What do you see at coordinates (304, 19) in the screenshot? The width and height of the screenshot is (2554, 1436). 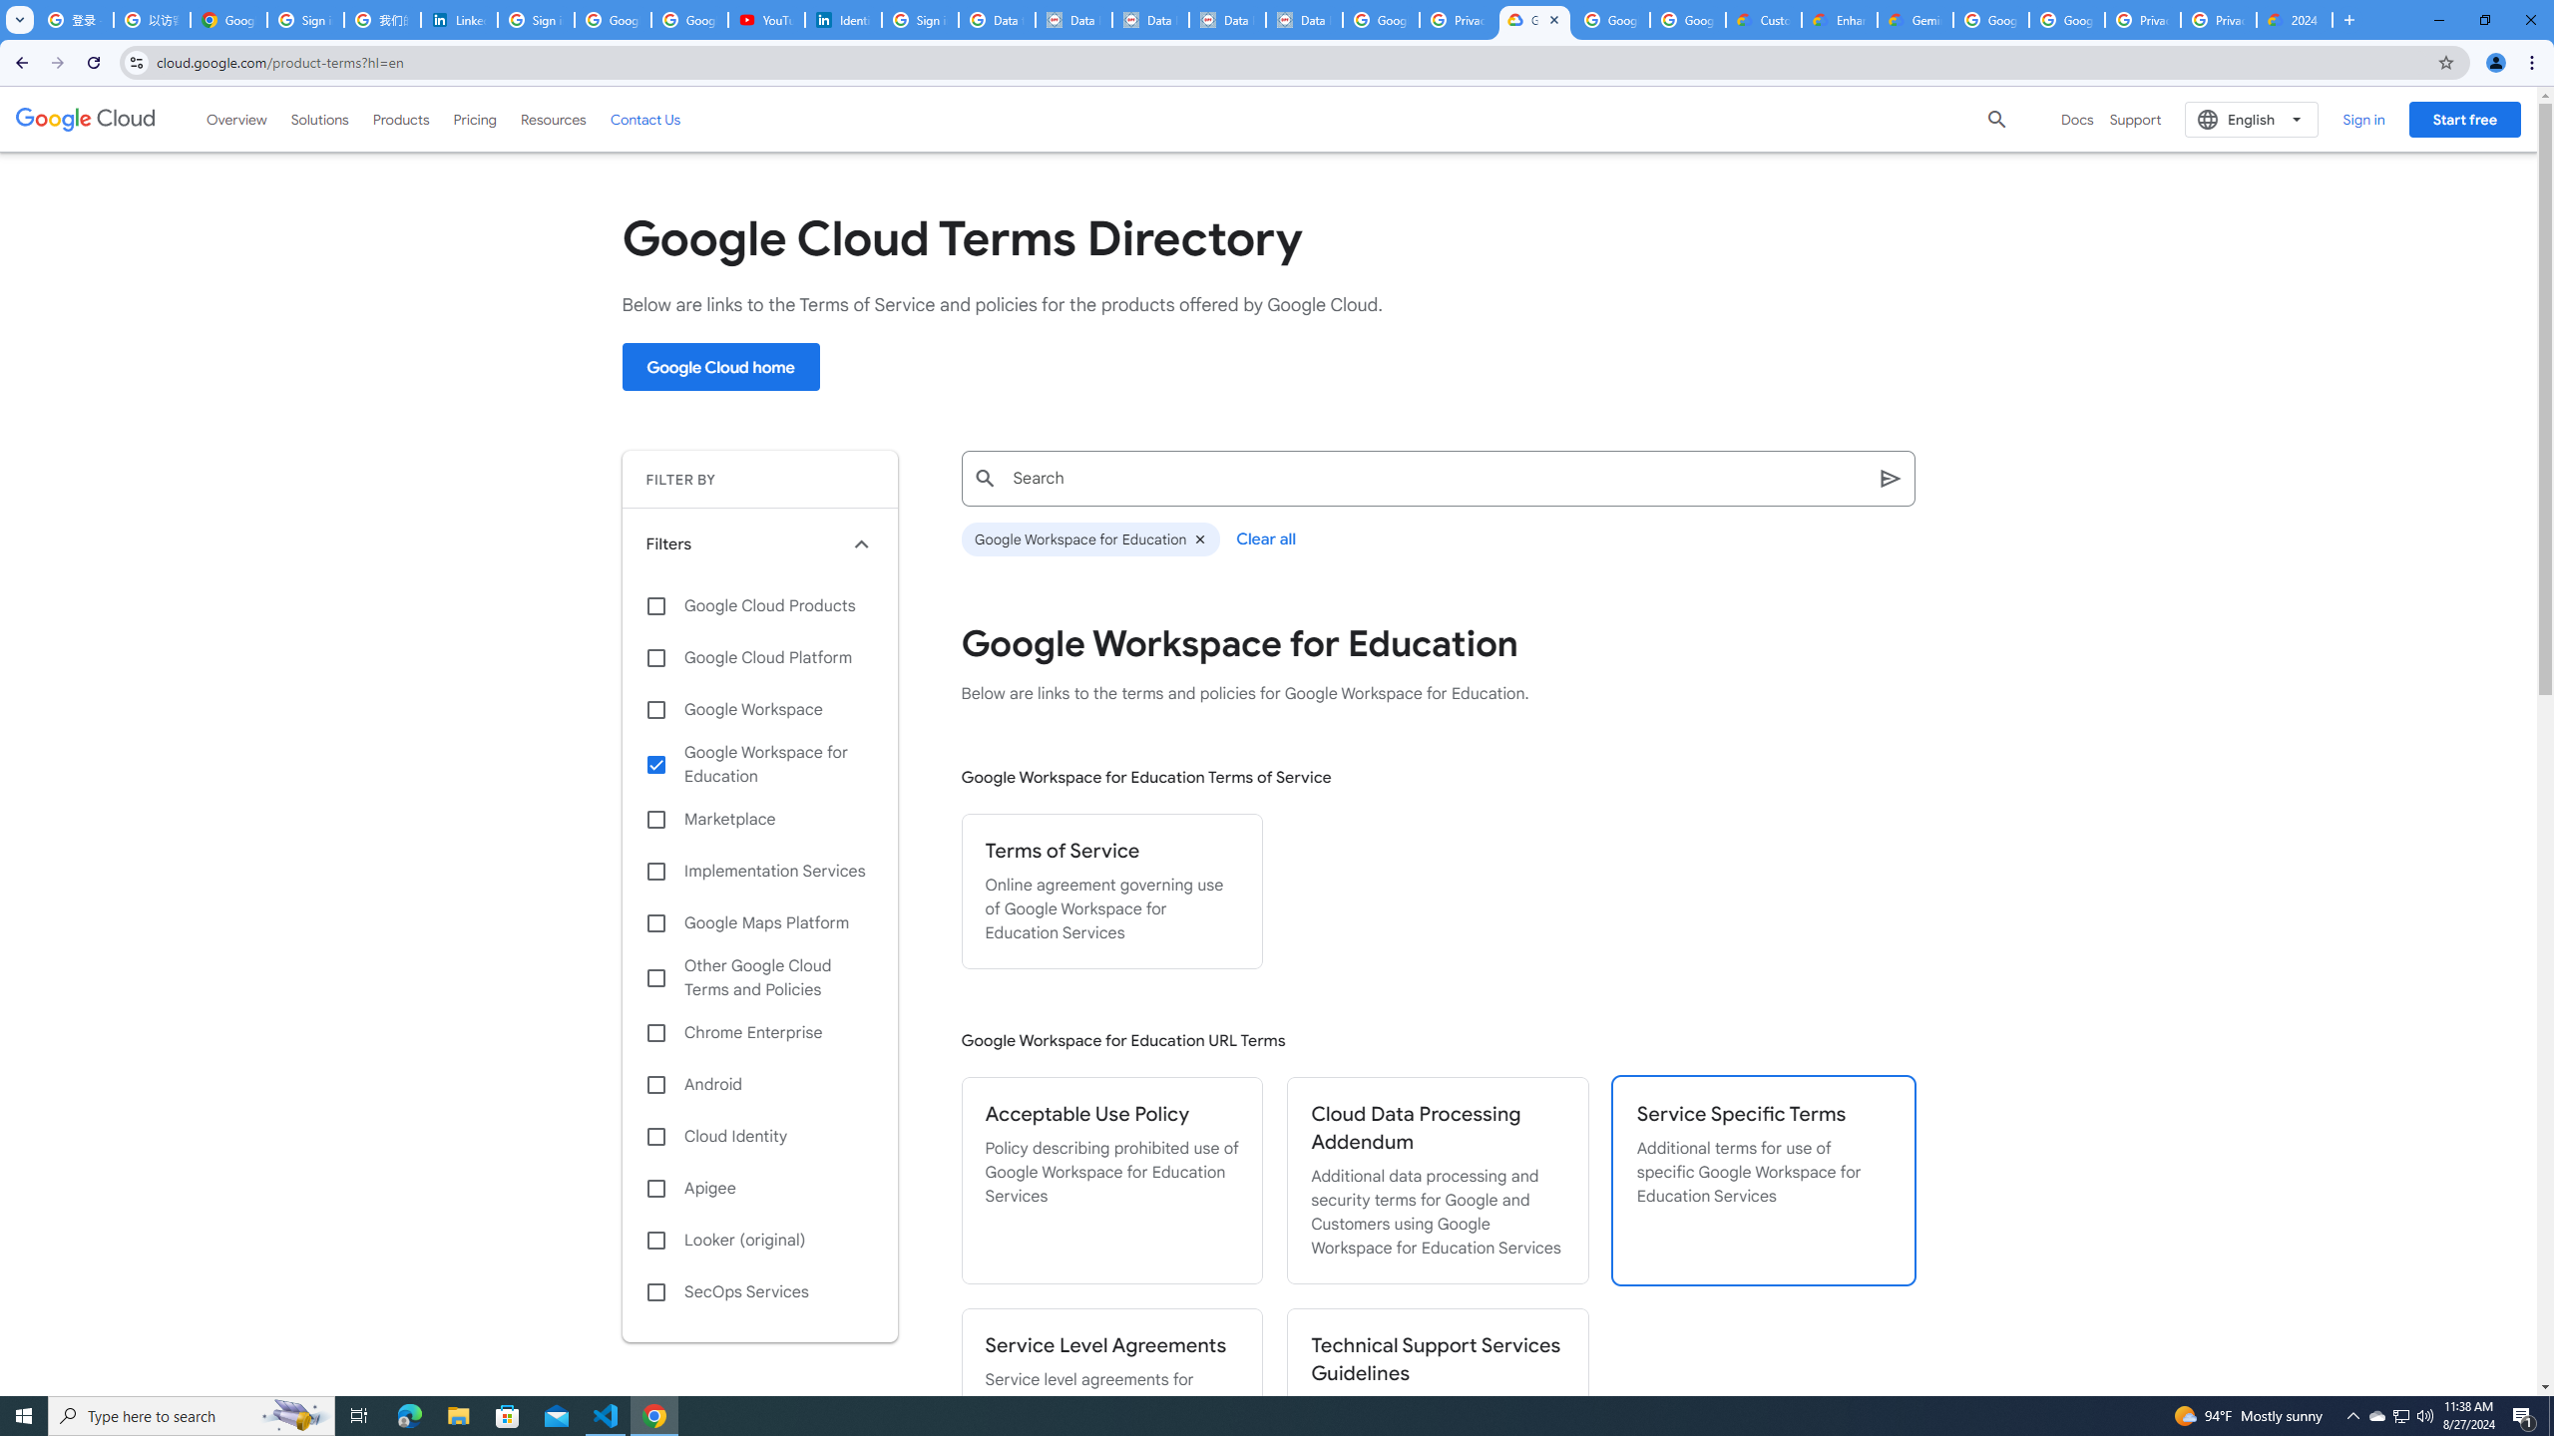 I see `'Sign in - Google Accounts'` at bounding box center [304, 19].